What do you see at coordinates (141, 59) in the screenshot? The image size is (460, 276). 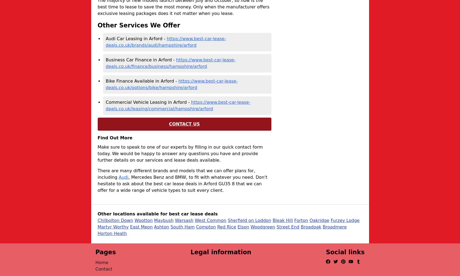 I see `'Business Car Finance in Arford -'` at bounding box center [141, 59].